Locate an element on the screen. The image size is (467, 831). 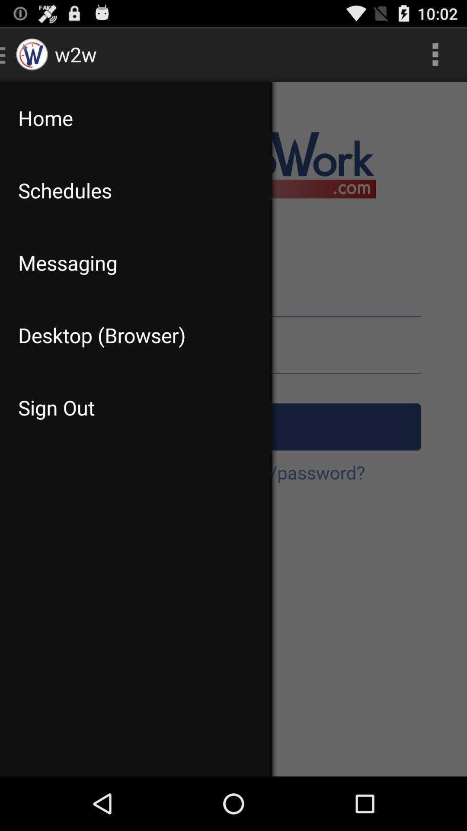
the icon next to home item is located at coordinates (435, 54).